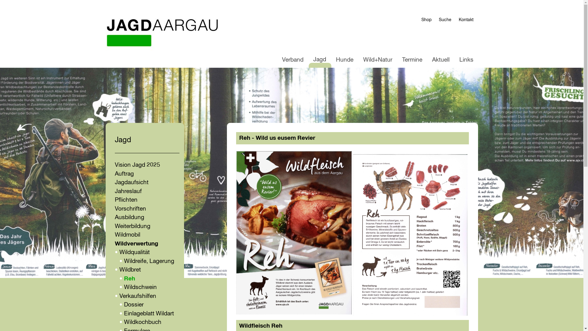 Image resolution: width=588 pixels, height=331 pixels. Describe the element at coordinates (115, 174) in the screenshot. I see `'Auftrag'` at that location.